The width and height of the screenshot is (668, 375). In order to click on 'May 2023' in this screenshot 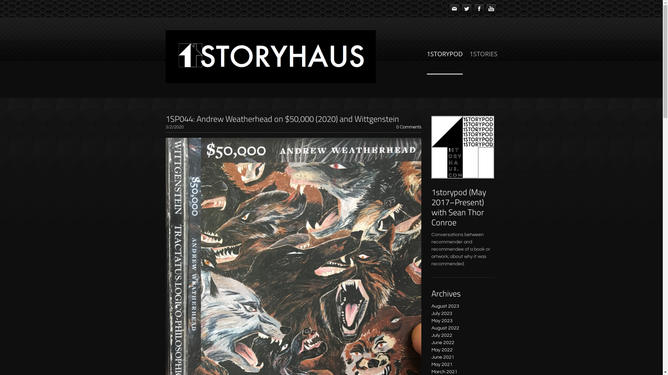, I will do `click(431, 321)`.